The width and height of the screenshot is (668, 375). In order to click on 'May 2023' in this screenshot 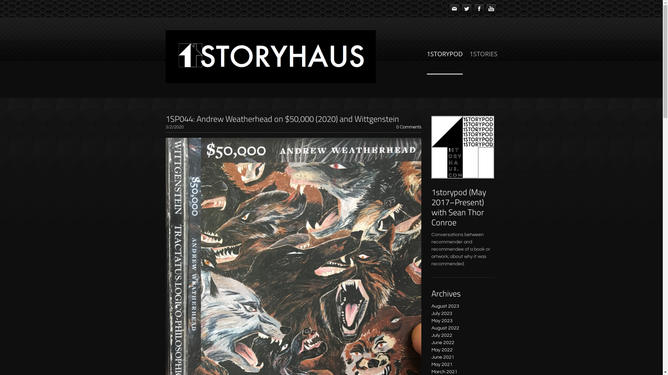, I will do `click(431, 321)`.